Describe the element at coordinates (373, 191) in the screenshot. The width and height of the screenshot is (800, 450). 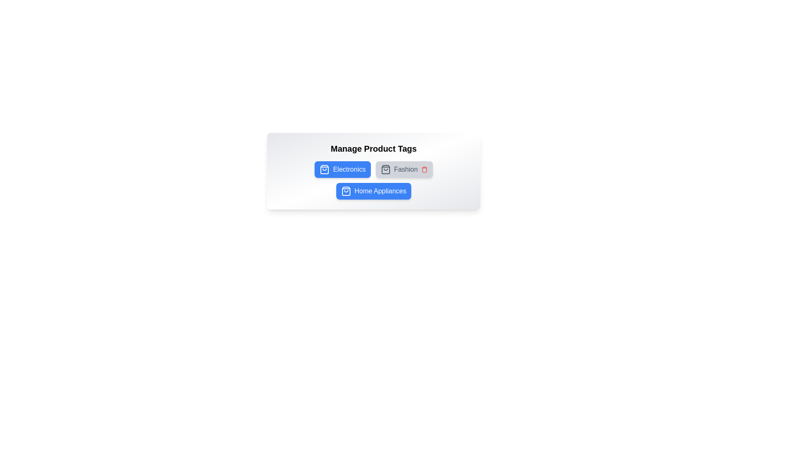
I see `the tag Home Appliances` at that location.